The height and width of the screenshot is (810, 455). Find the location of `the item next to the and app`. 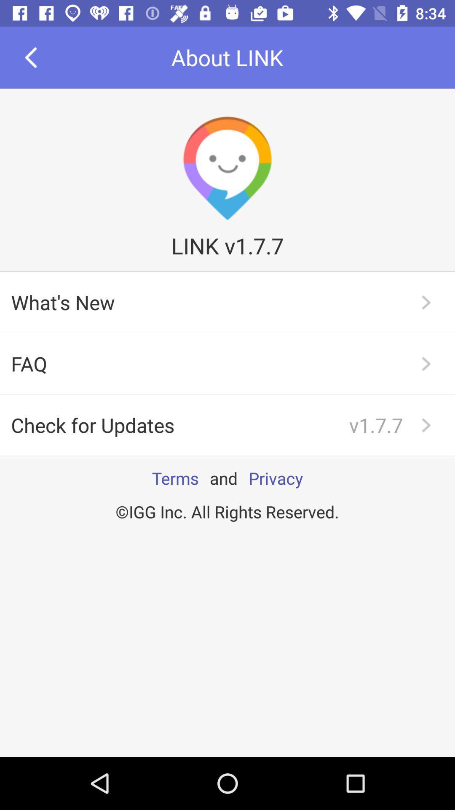

the item next to the and app is located at coordinates (175, 478).